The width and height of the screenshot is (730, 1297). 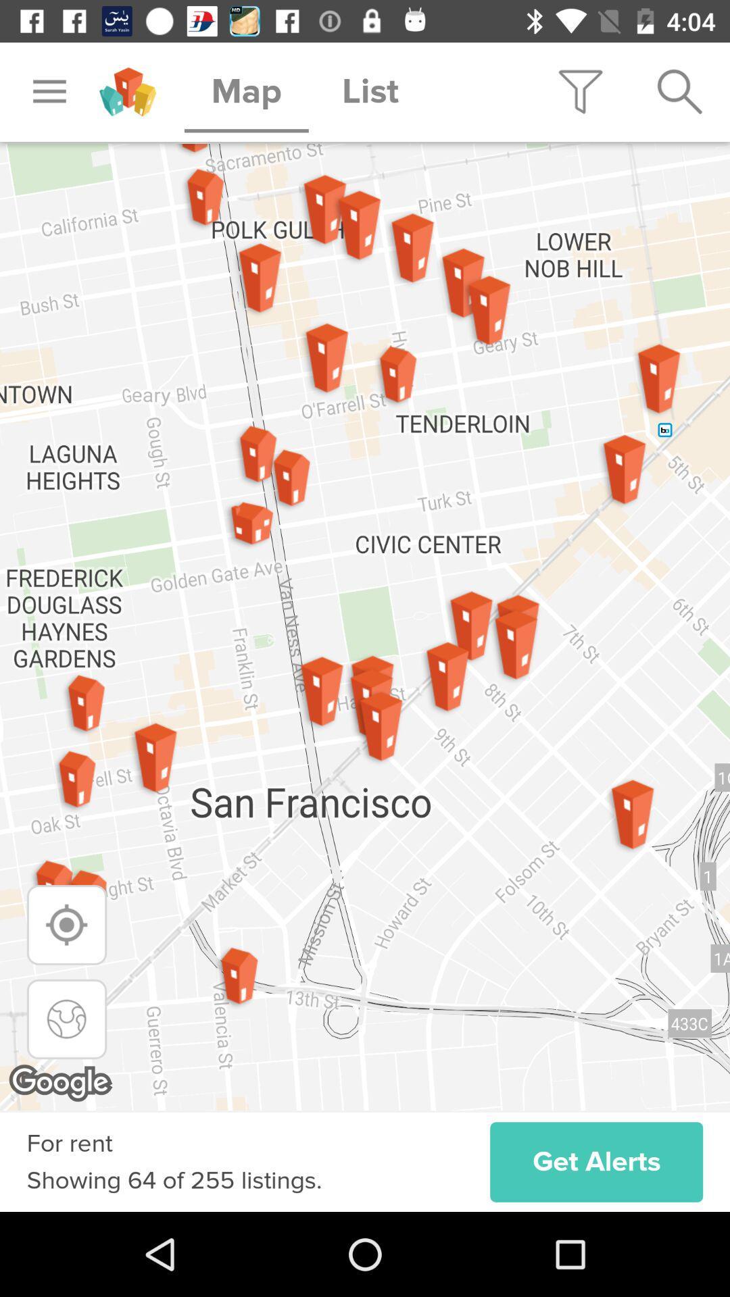 I want to click on item at the center, so click(x=365, y=626).